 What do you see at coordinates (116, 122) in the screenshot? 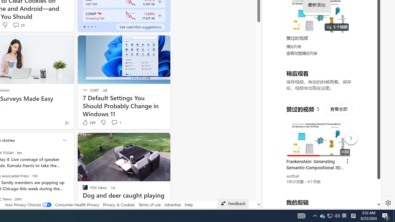
I see `'View comments 1 Comment'` at bounding box center [116, 122].